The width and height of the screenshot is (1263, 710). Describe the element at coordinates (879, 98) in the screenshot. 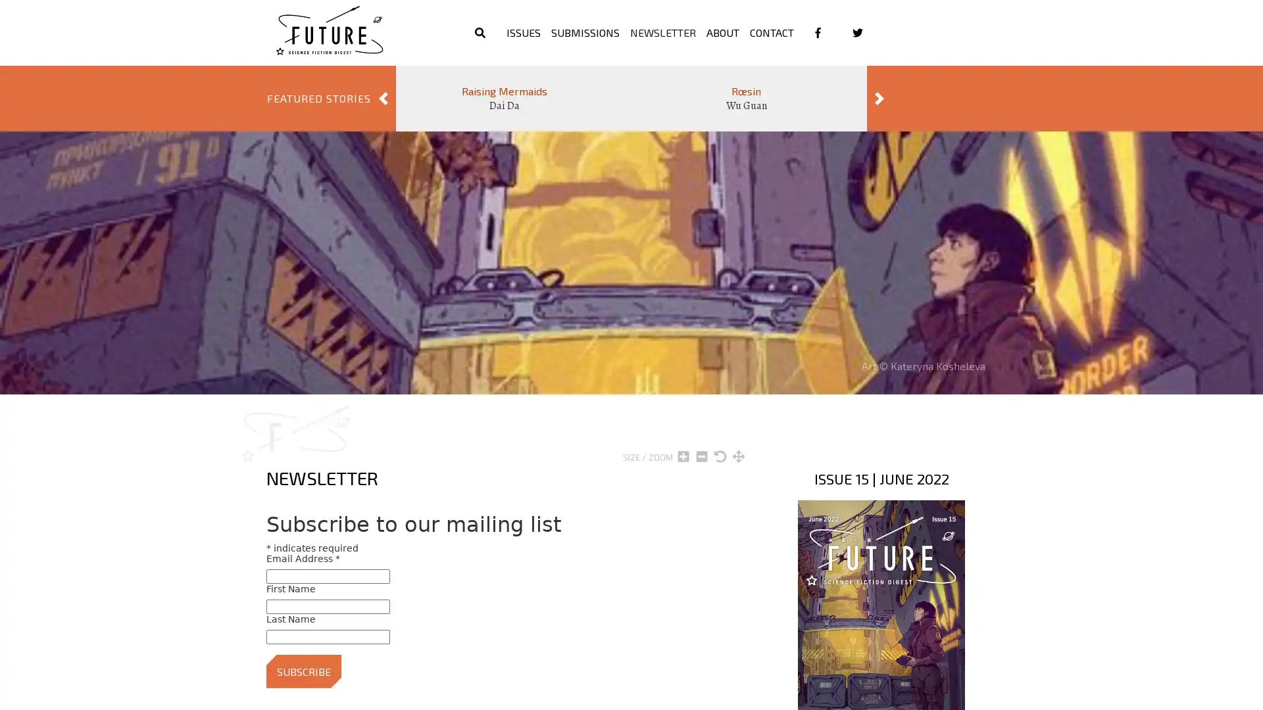

I see `Next` at that location.